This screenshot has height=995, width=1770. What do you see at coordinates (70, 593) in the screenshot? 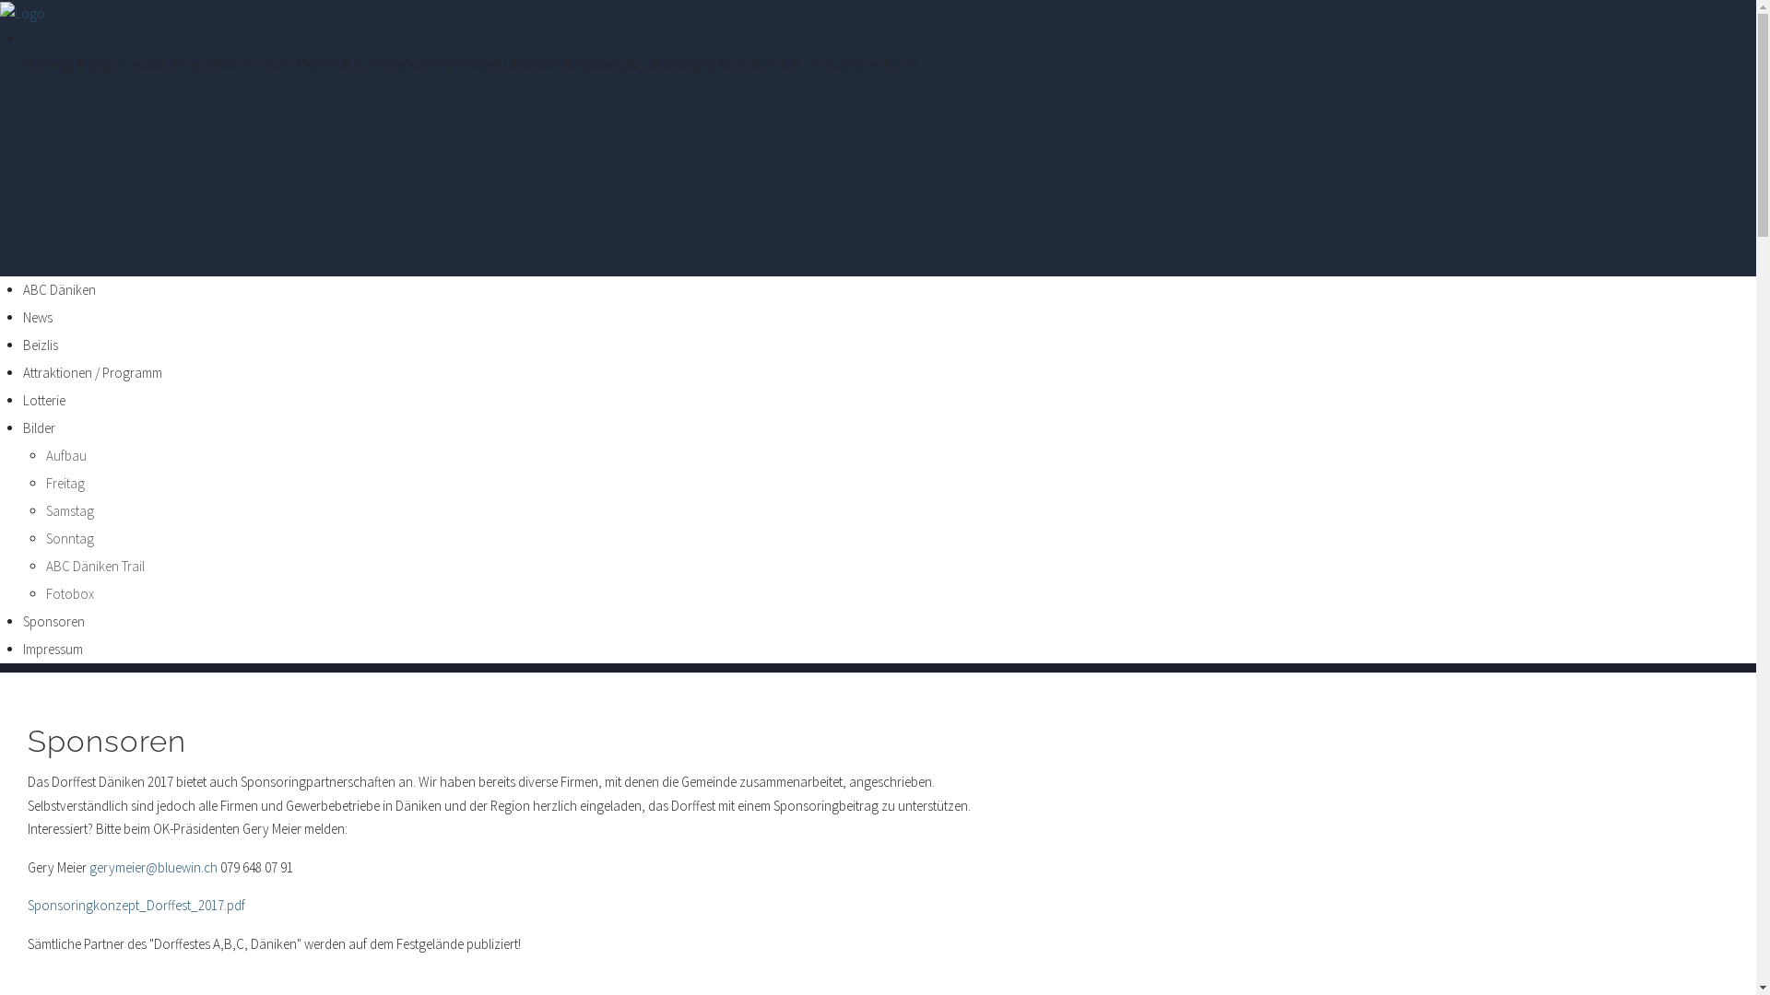
I see `'Fotobox'` at bounding box center [70, 593].